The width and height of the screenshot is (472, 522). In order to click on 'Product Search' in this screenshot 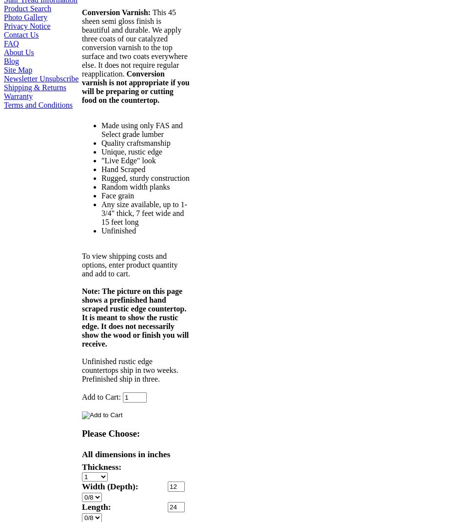, I will do `click(27, 7)`.